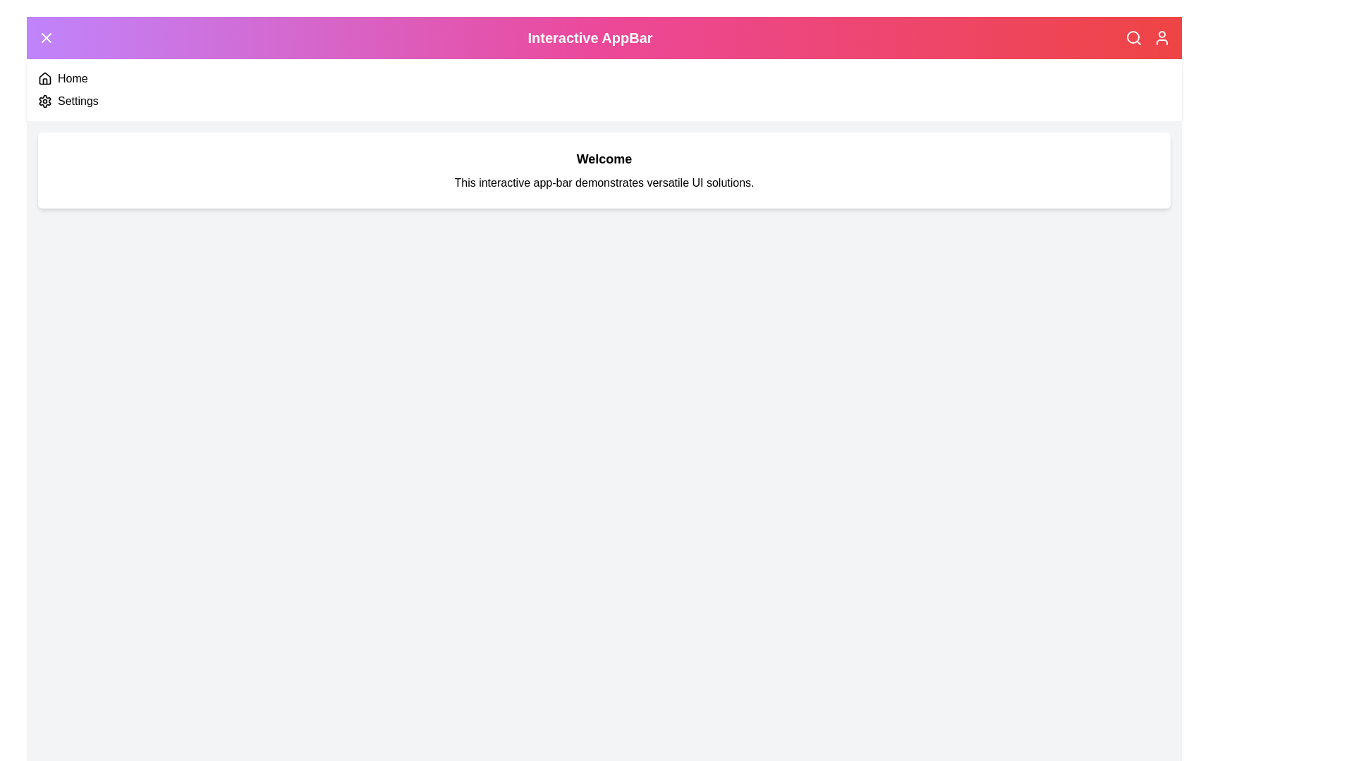 The width and height of the screenshot is (1354, 761). What do you see at coordinates (44, 100) in the screenshot?
I see `the navigation item Settings` at bounding box center [44, 100].